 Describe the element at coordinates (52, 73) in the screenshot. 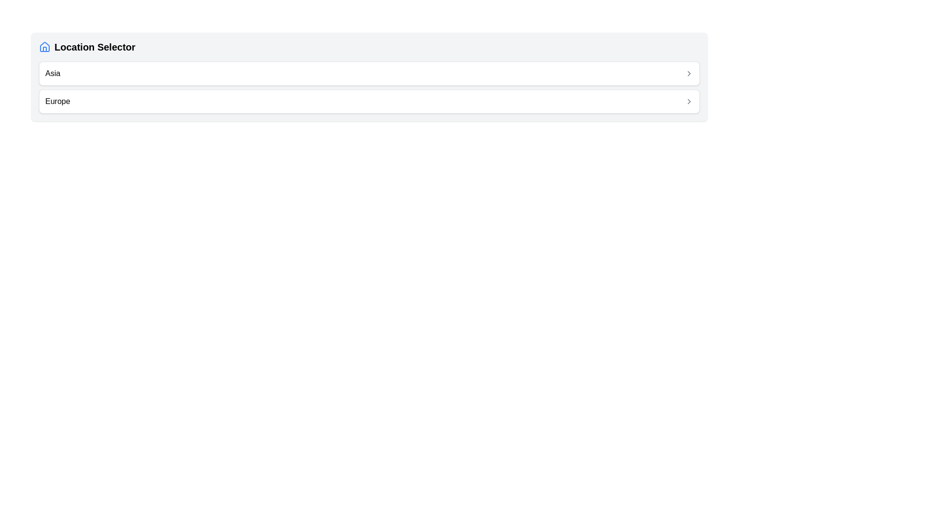

I see `the 'Asia' text label located in the top selection box of the location selector` at that location.